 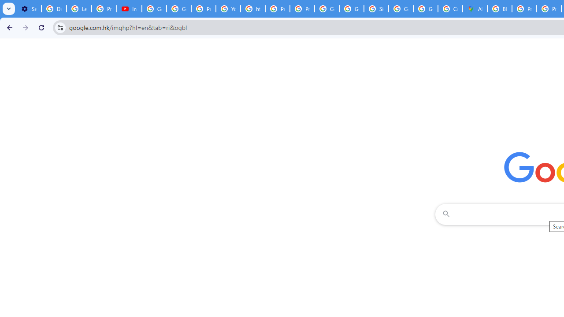 I want to click on 'Delete photos & videos - Computer - Google Photos Help', so click(x=53, y=9).